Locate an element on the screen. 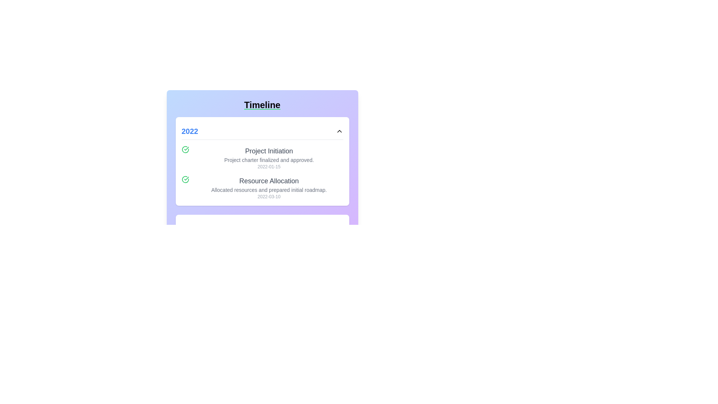 The image size is (718, 404). the circular green icon with a checkmark that signifies completion, located to the left of the 'Resource Allocation' heading in the timeline section is located at coordinates (185, 179).